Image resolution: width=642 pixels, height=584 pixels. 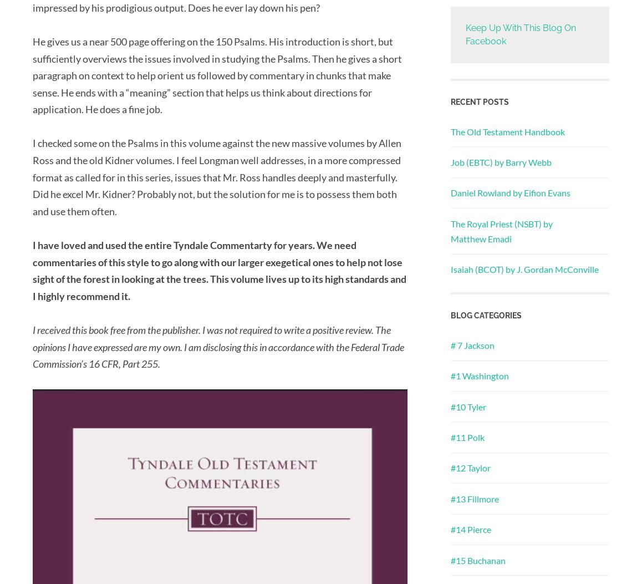 I want to click on '#15 Buchanan', so click(x=477, y=559).